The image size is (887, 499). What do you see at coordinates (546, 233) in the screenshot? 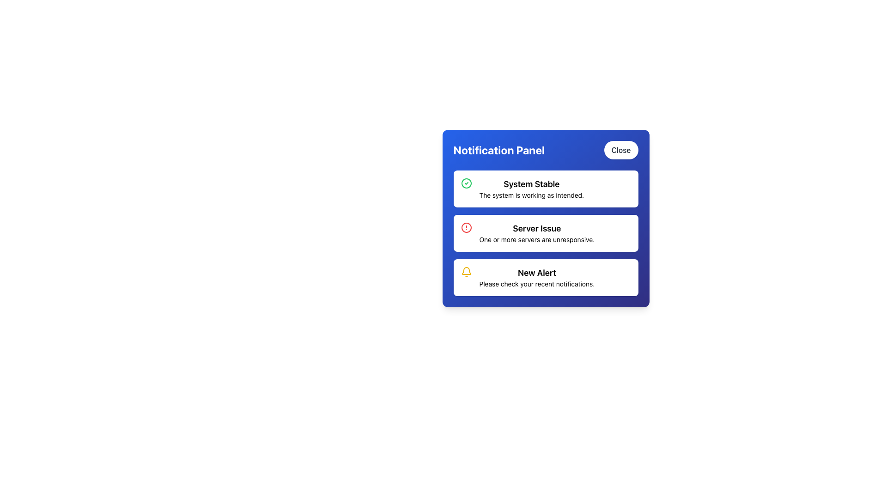
I see `the Notification banner indicating a server issue for additional details, which is the second item in the Notification Panel` at bounding box center [546, 233].